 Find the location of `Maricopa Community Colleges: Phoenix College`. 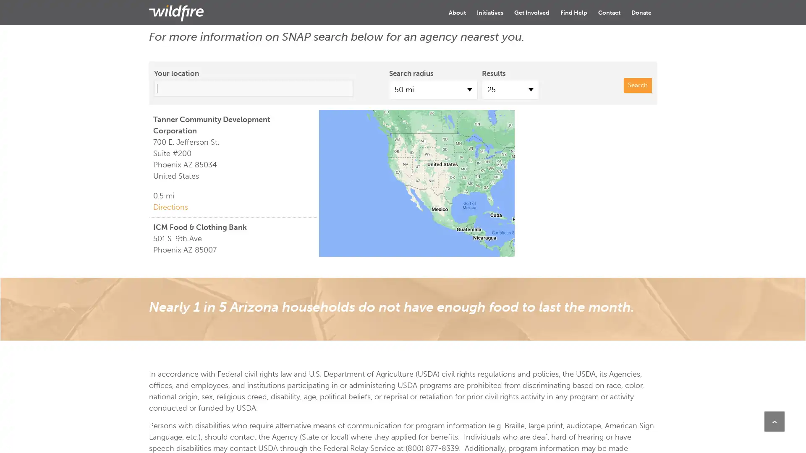

Maricopa Community Colleges: Phoenix College is located at coordinates (479, 165).